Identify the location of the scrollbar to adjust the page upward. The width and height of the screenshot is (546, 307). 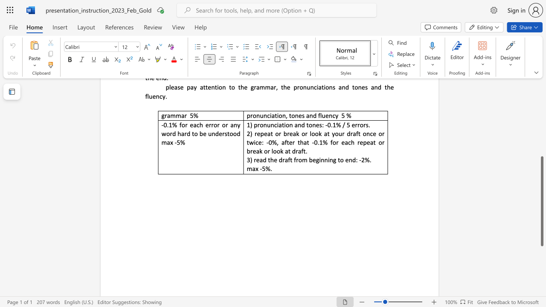
(541, 136).